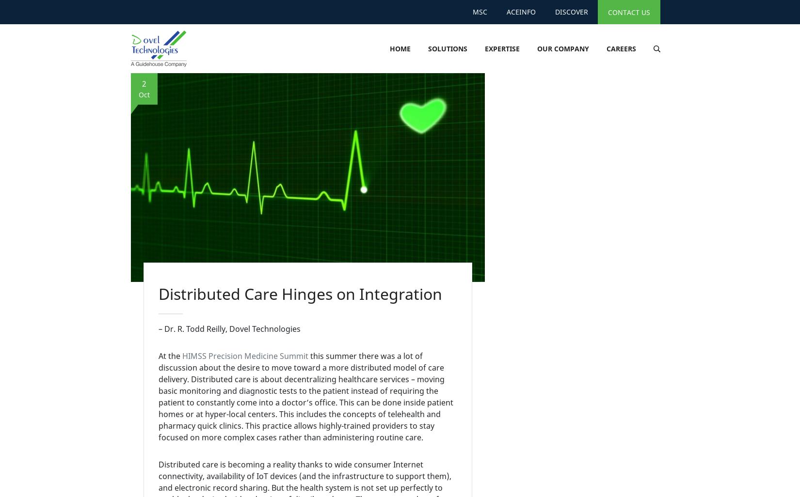 This screenshot has height=497, width=800. Describe the element at coordinates (144, 83) in the screenshot. I see `'2'` at that location.